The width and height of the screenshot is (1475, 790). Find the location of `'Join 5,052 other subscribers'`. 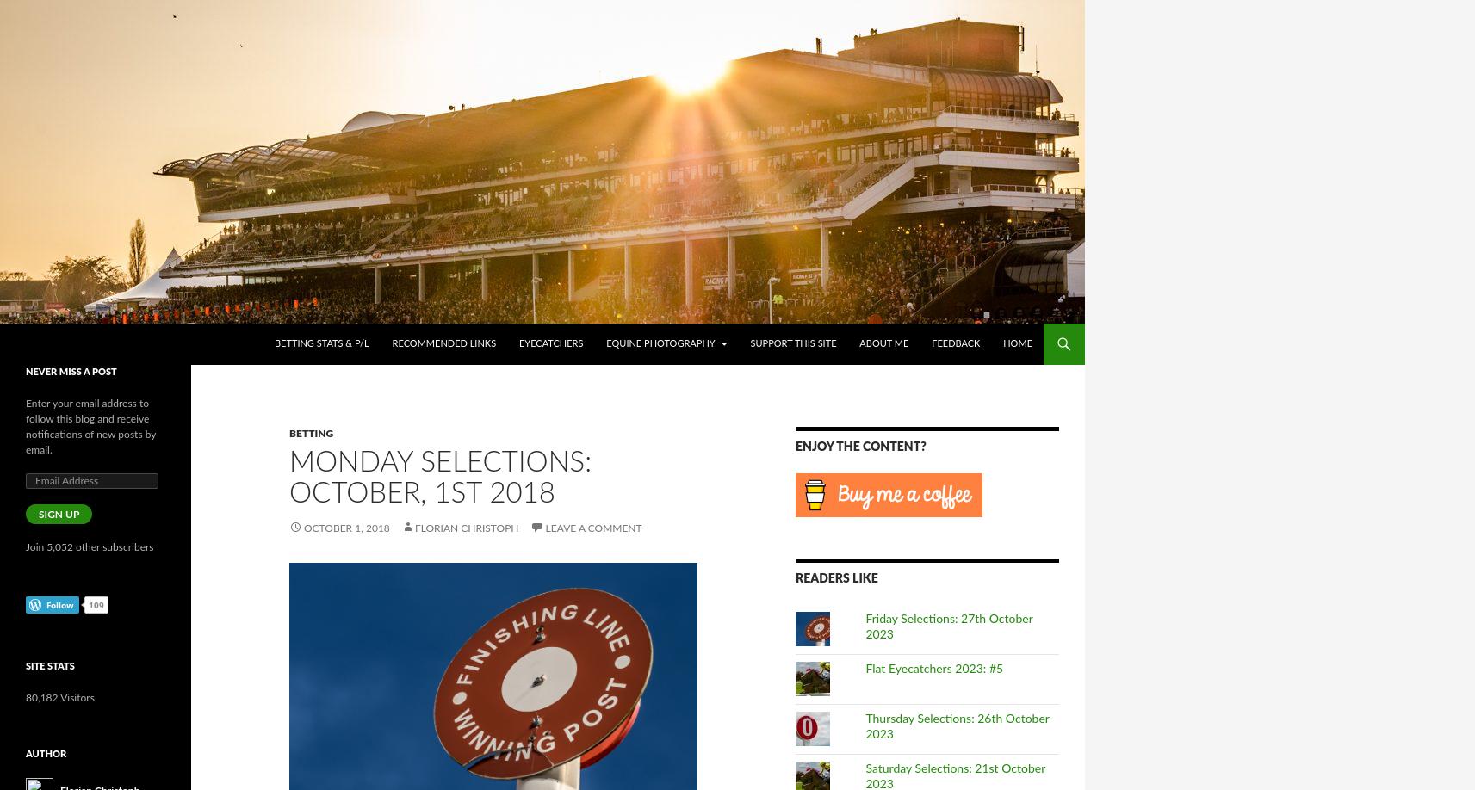

'Join 5,052 other subscribers' is located at coordinates (88, 546).